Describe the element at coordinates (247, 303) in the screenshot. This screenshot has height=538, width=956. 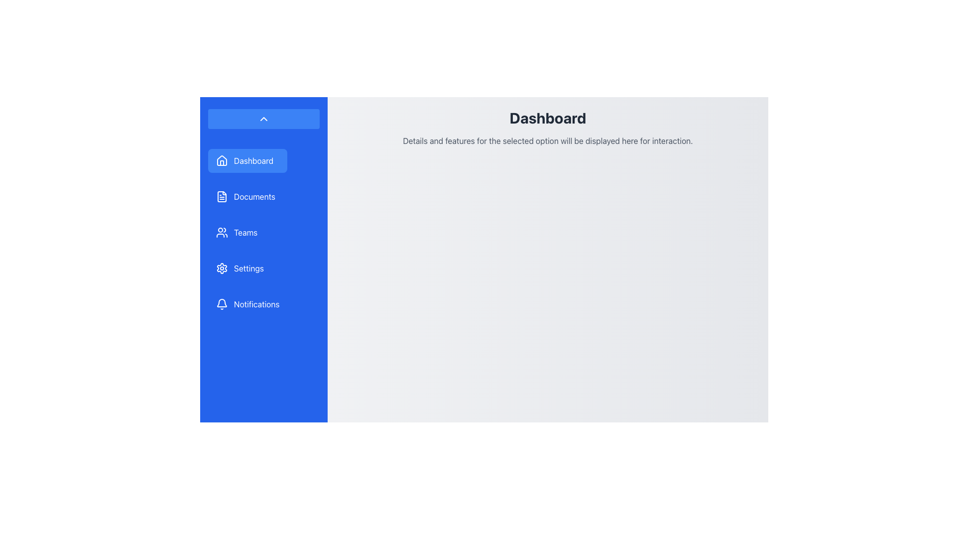
I see `the 'Notifications' button located in the left vertical navigation menu, fifth from the top, to access it via keyboard navigation` at that location.